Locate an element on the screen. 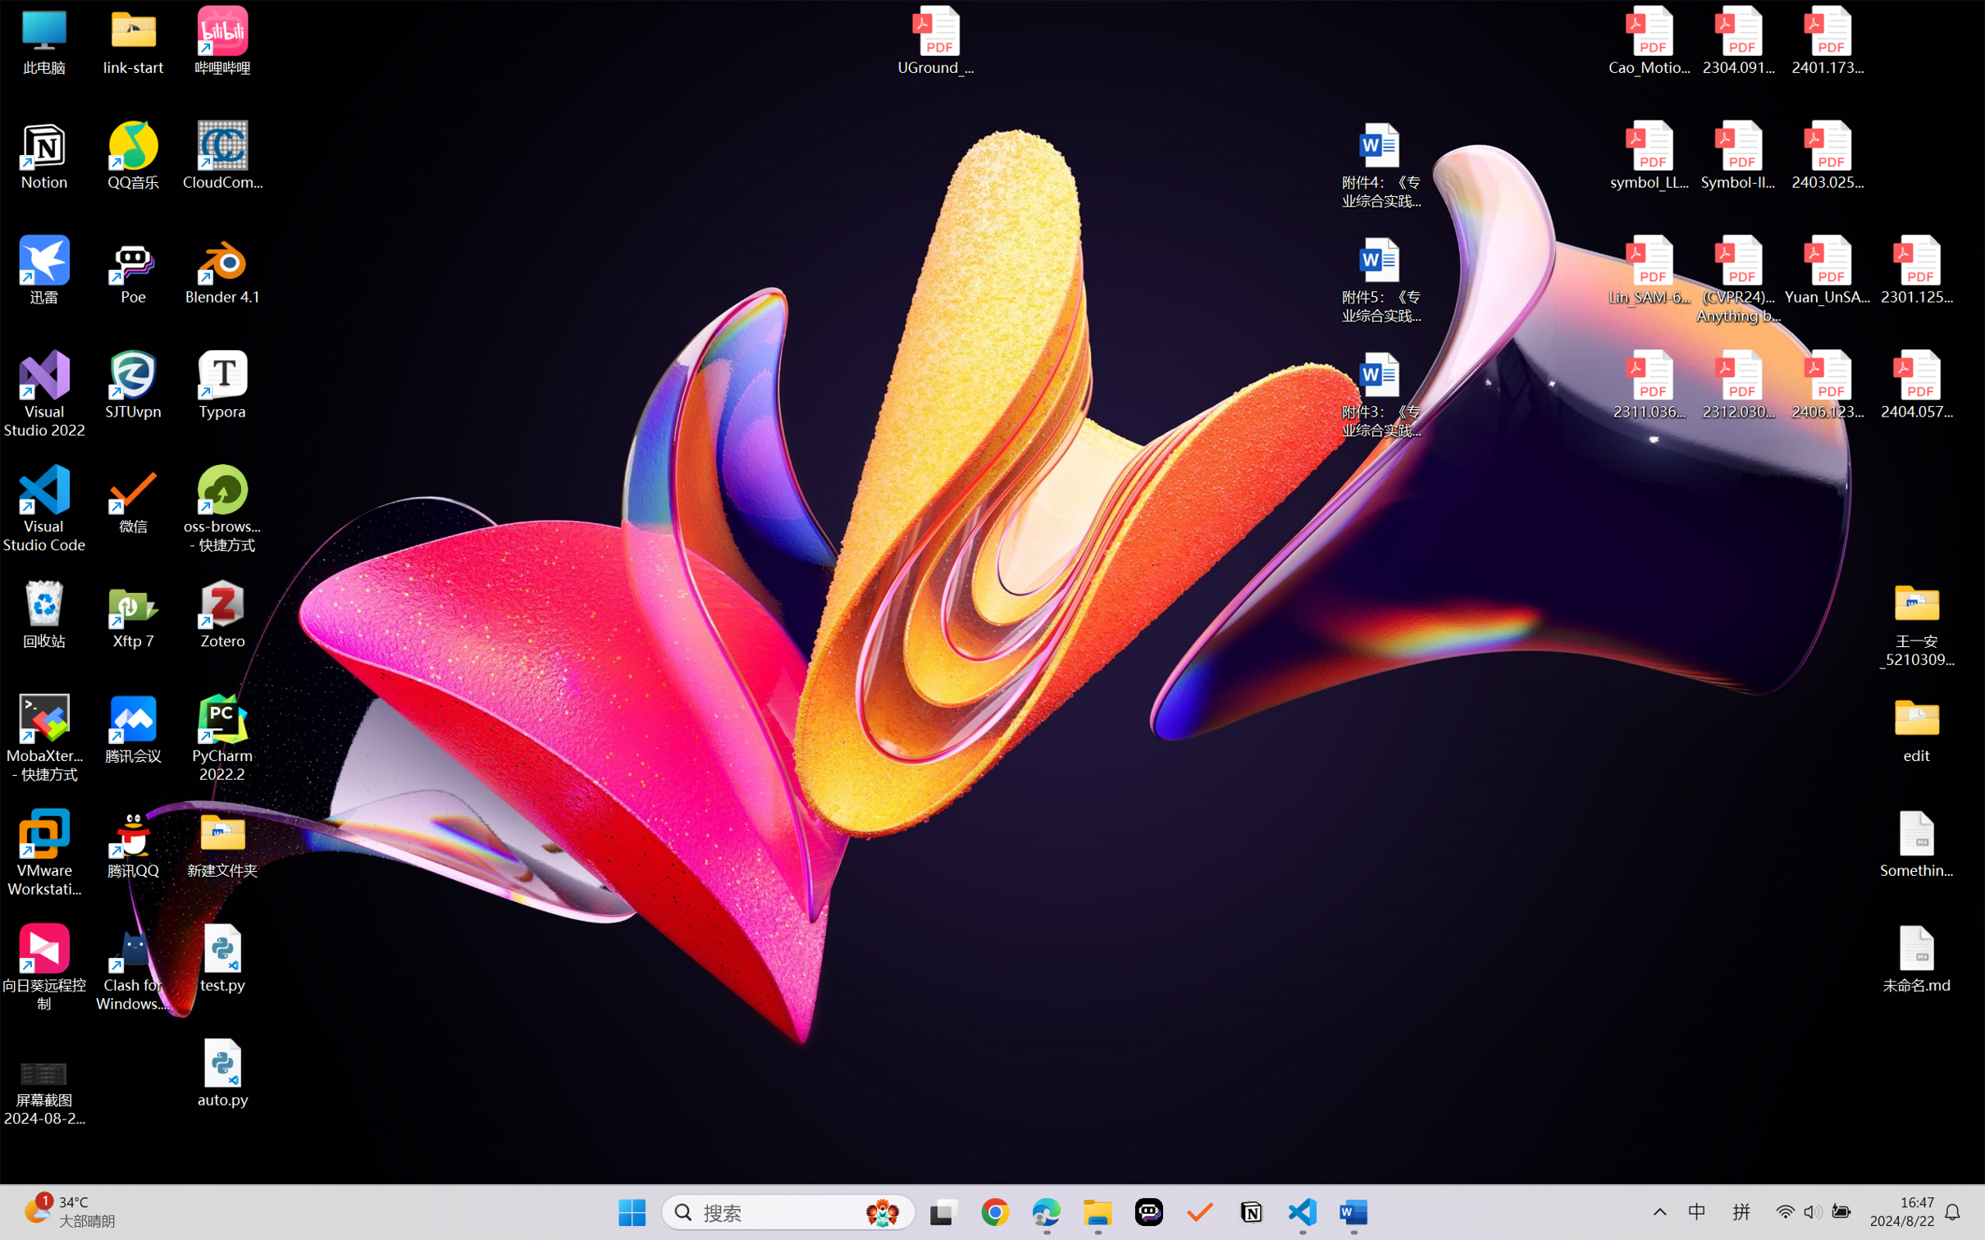 The height and width of the screenshot is (1240, 1985). 'Visual Studio 2022' is located at coordinates (43, 394).